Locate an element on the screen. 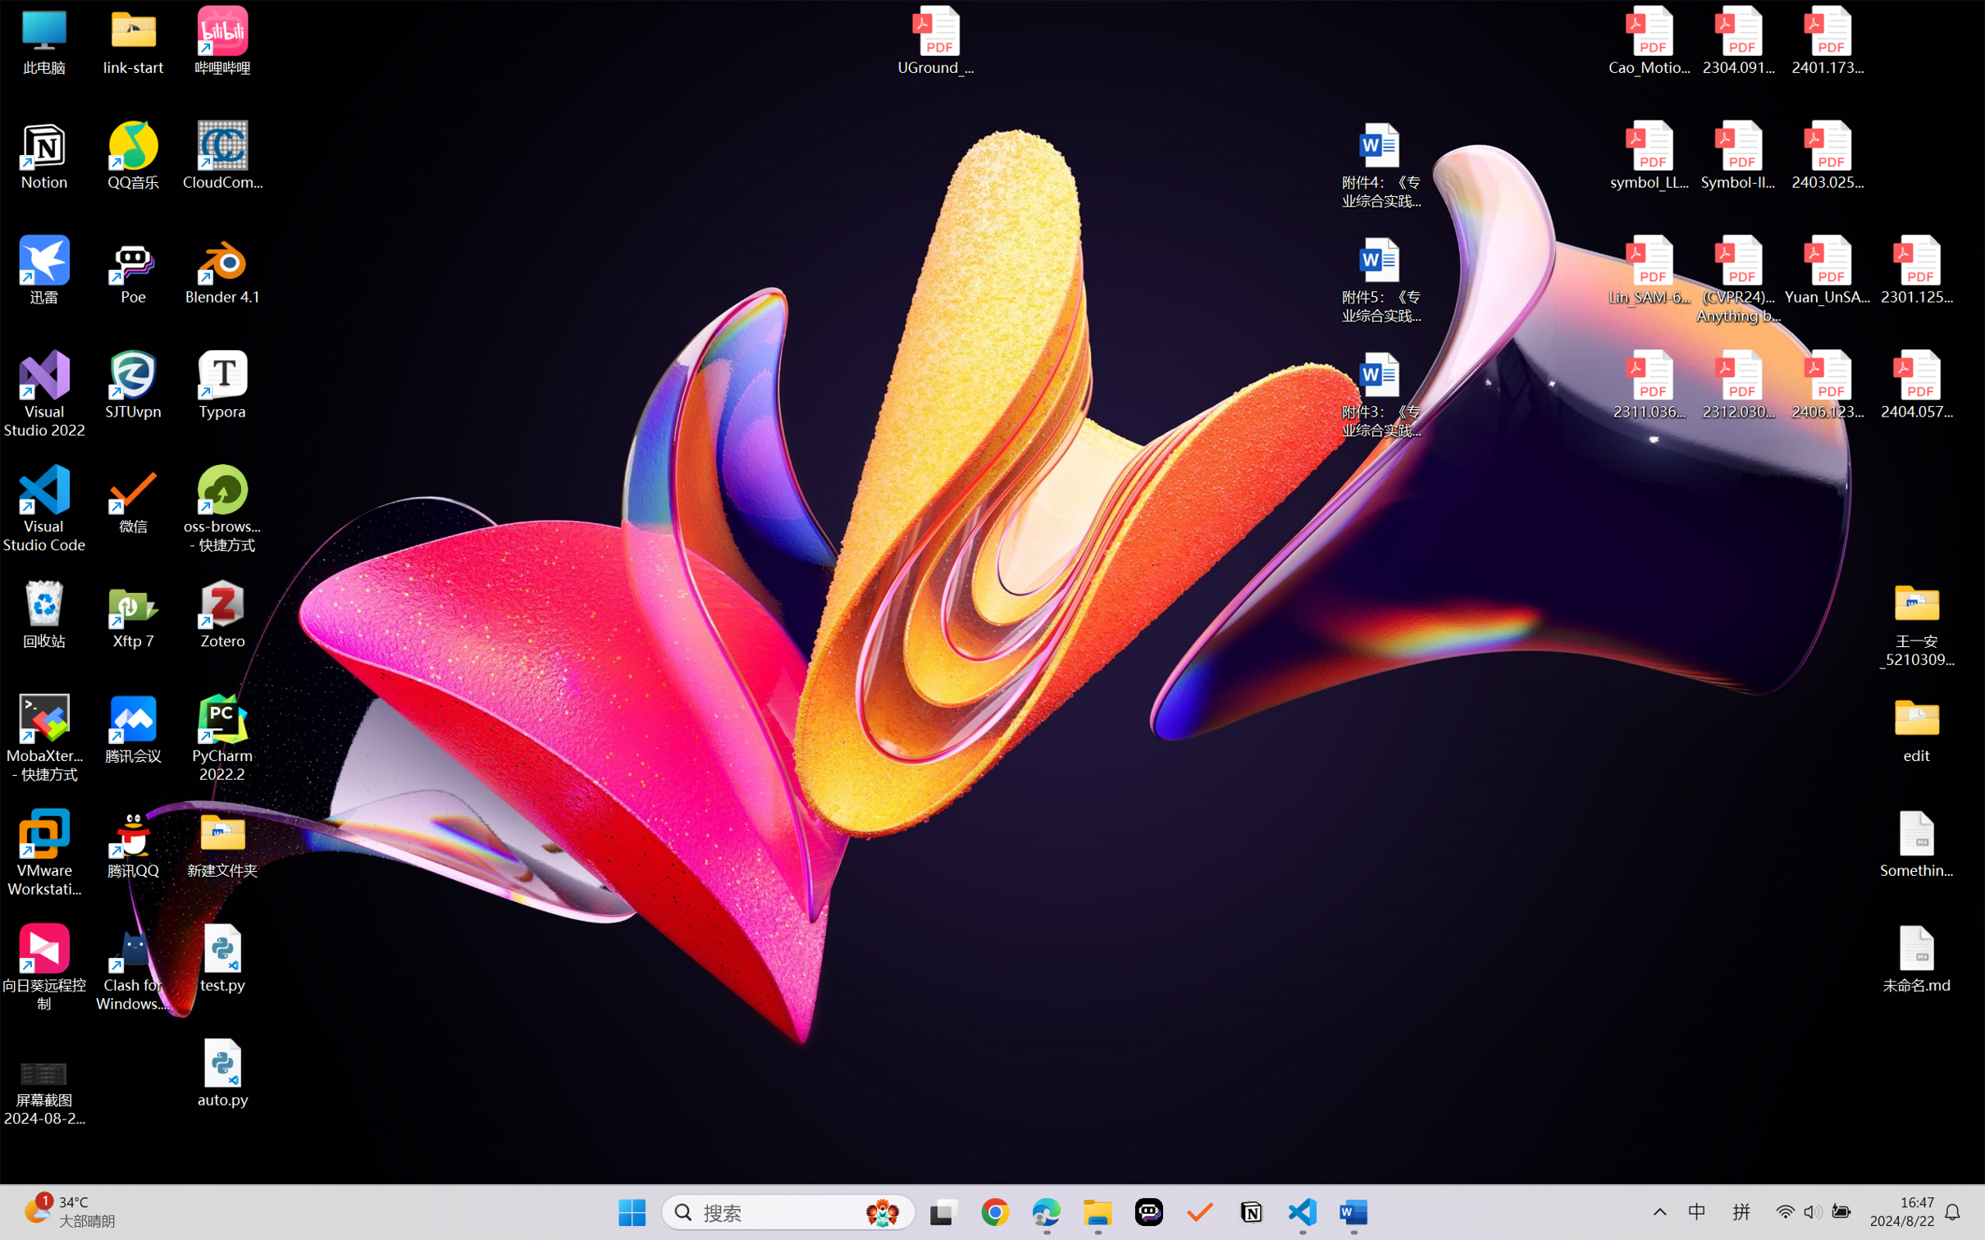 The height and width of the screenshot is (1240, 1985). 'Visual Studio 2022' is located at coordinates (43, 394).